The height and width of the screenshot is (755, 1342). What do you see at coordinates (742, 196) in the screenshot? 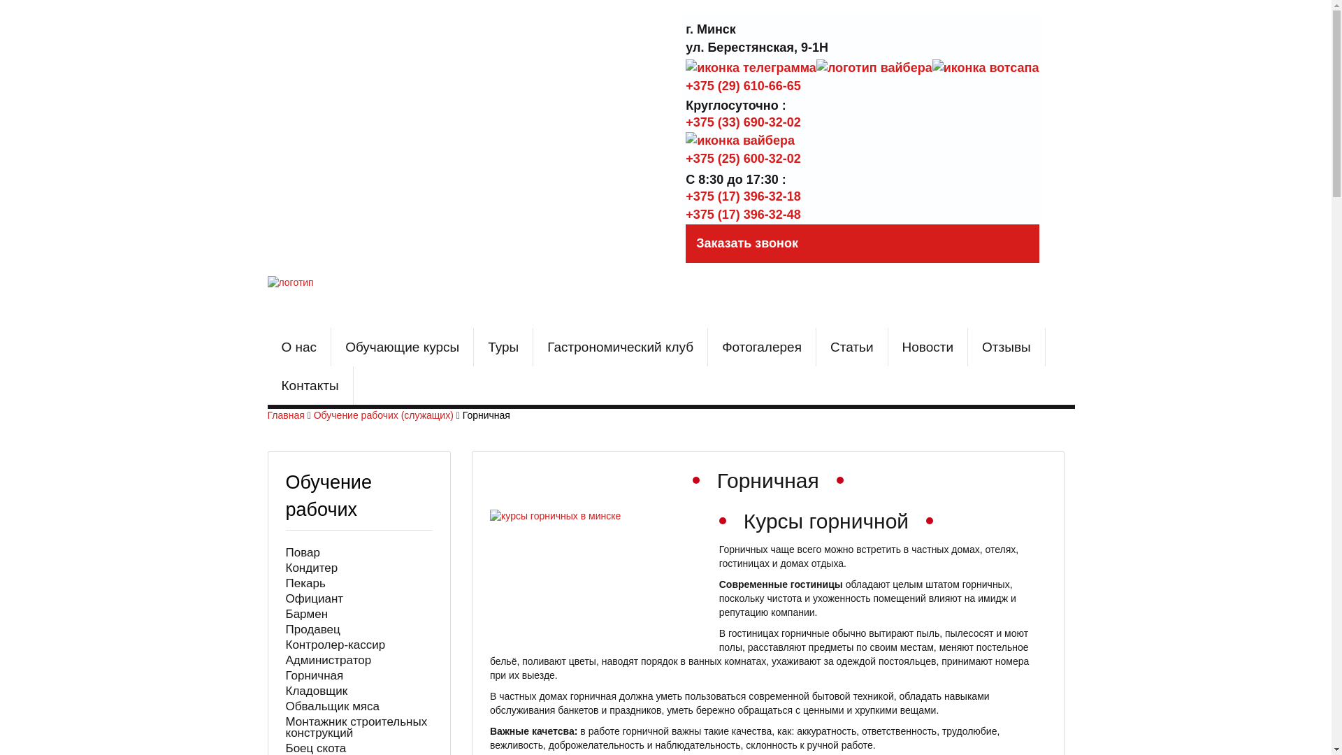
I see `'+375 (17) 396-32-18'` at bounding box center [742, 196].